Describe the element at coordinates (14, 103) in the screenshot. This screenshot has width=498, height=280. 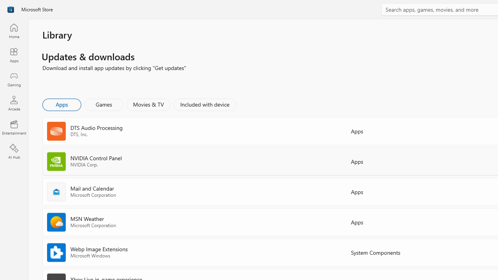
I see `'Arcade'` at that location.